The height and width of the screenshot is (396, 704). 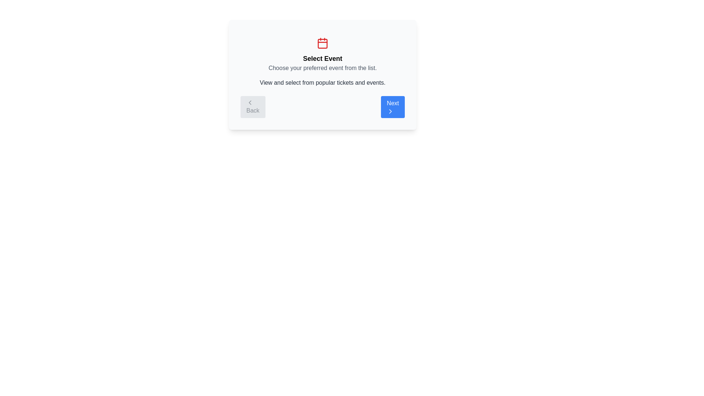 What do you see at coordinates (392, 107) in the screenshot?
I see `the 'Next' button` at bounding box center [392, 107].